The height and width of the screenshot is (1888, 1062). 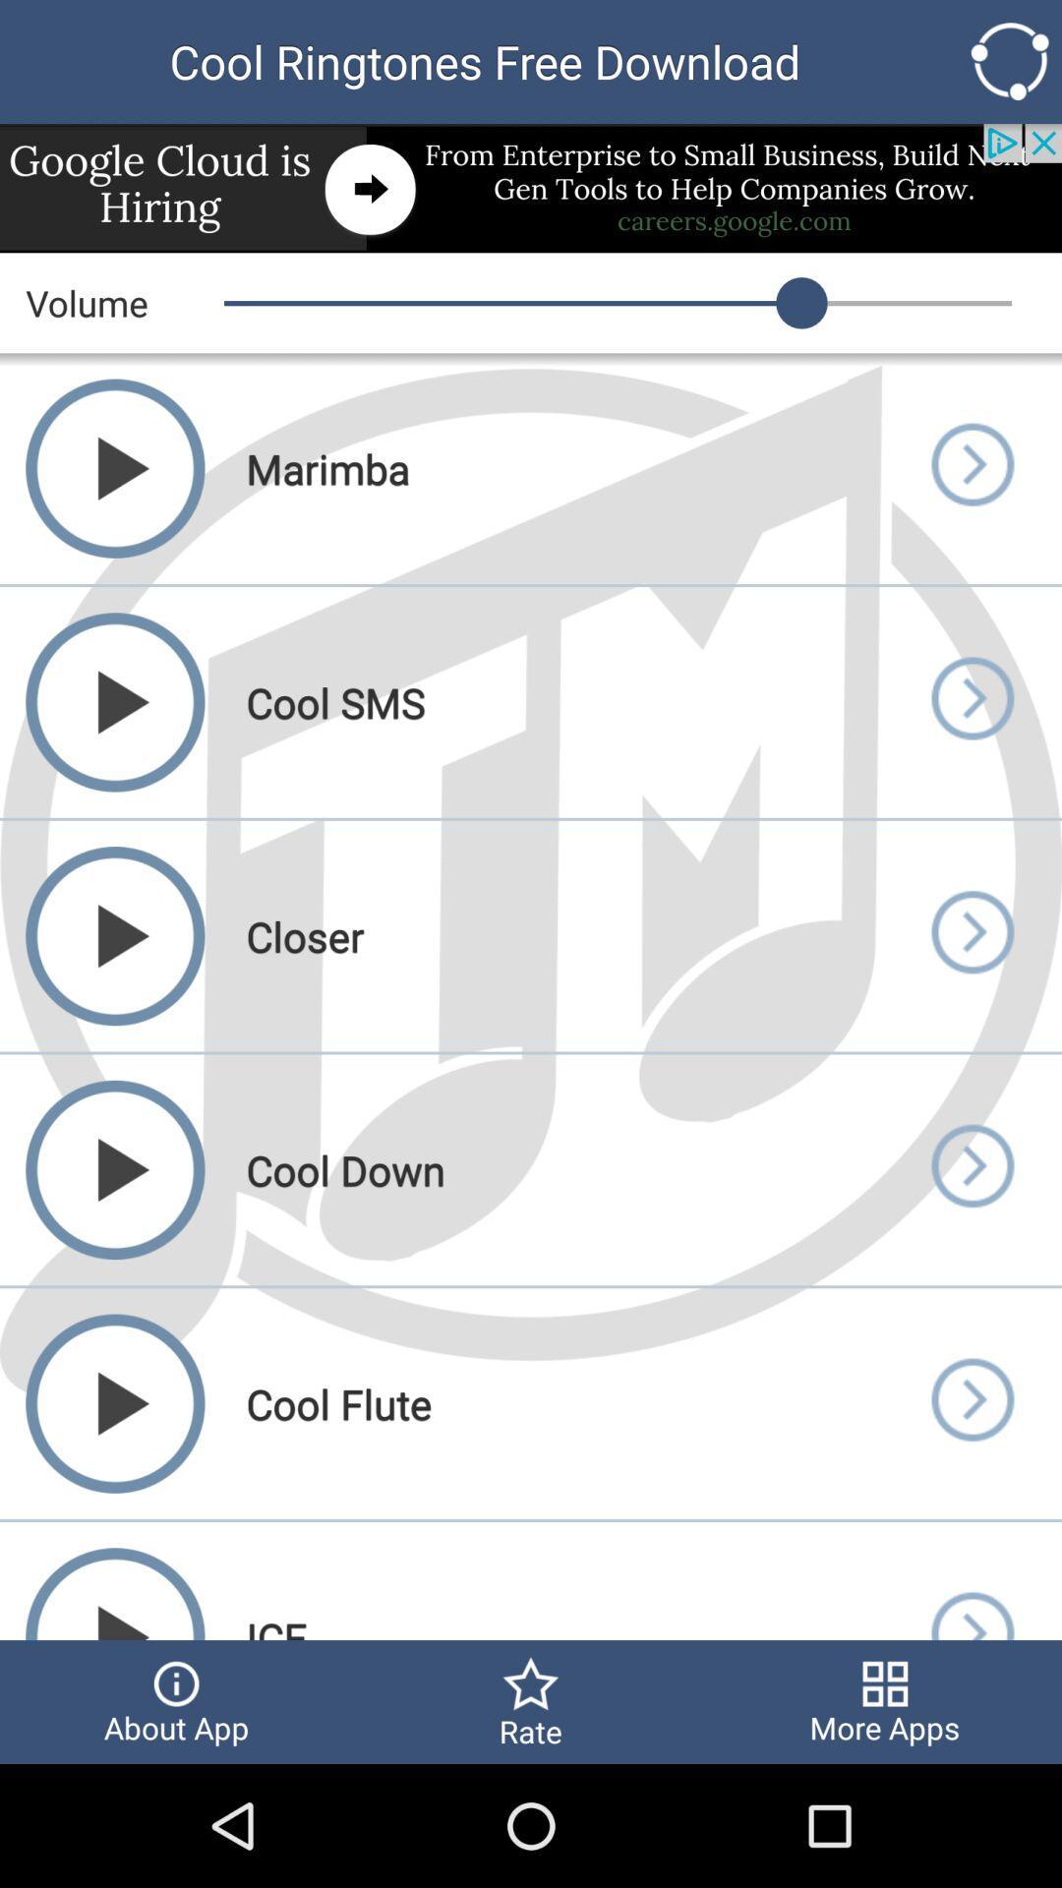 What do you see at coordinates (971, 702) in the screenshot?
I see `details option` at bounding box center [971, 702].